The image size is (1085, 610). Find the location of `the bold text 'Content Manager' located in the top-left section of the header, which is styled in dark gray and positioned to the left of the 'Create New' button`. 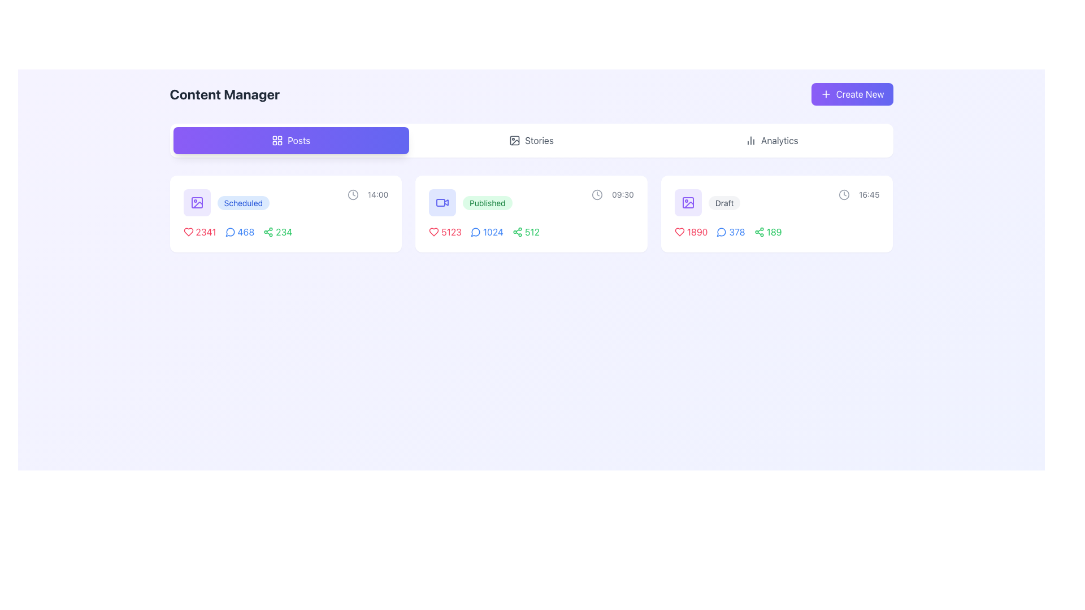

the bold text 'Content Manager' located in the top-left section of the header, which is styled in dark gray and positioned to the left of the 'Create New' button is located at coordinates (224, 93).